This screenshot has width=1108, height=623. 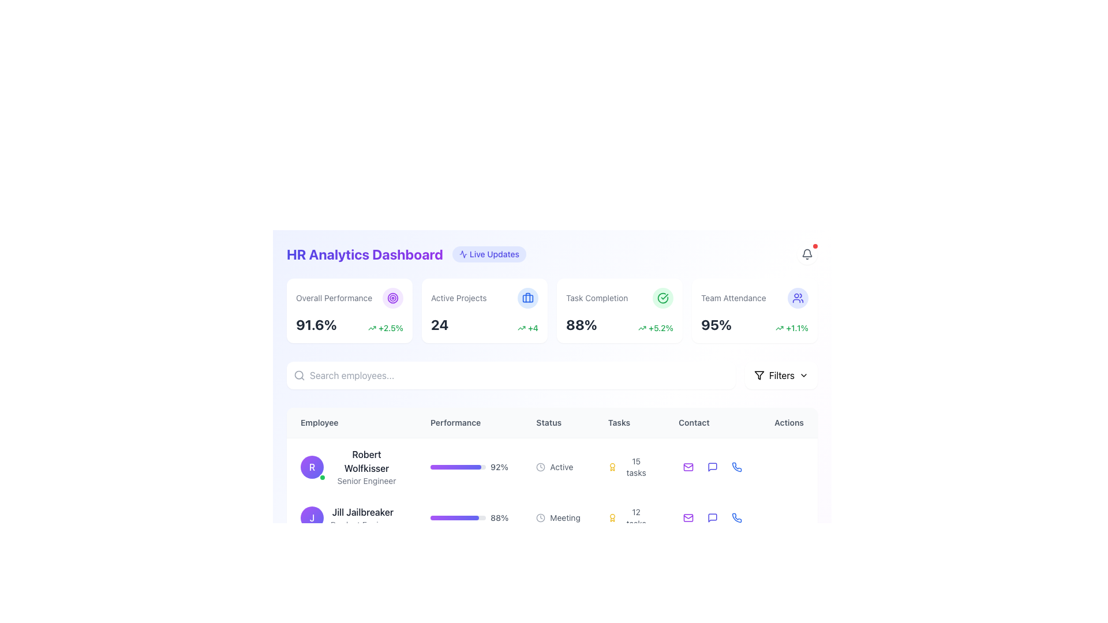 I want to click on the Icon button in the Actions section of the second row to initiate a phone call for the entry 'Jill Jailbreaker', so click(x=736, y=517).